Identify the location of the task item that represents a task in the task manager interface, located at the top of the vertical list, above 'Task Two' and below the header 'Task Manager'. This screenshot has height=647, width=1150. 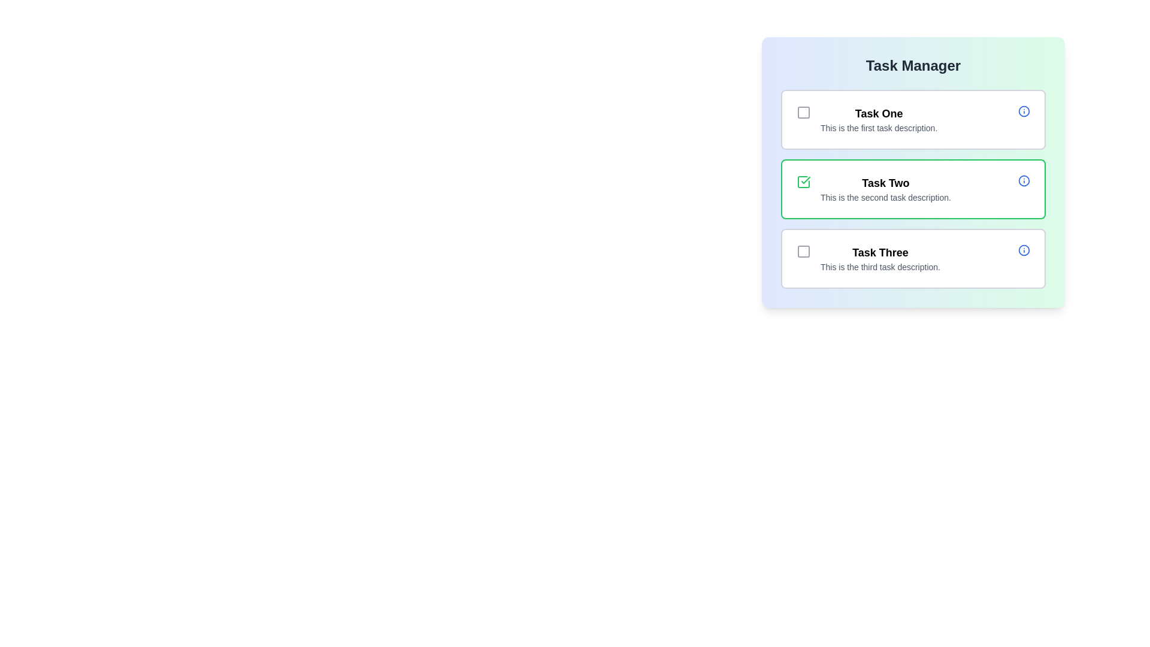
(879, 120).